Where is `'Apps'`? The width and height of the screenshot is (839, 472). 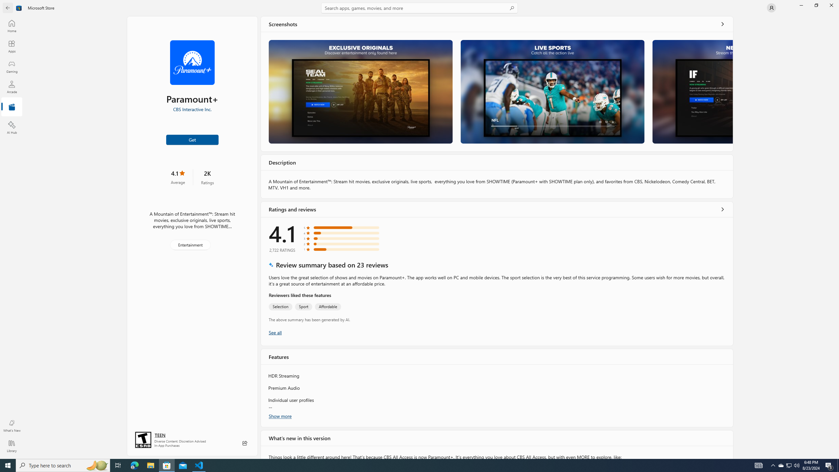 'Apps' is located at coordinates (11, 46).